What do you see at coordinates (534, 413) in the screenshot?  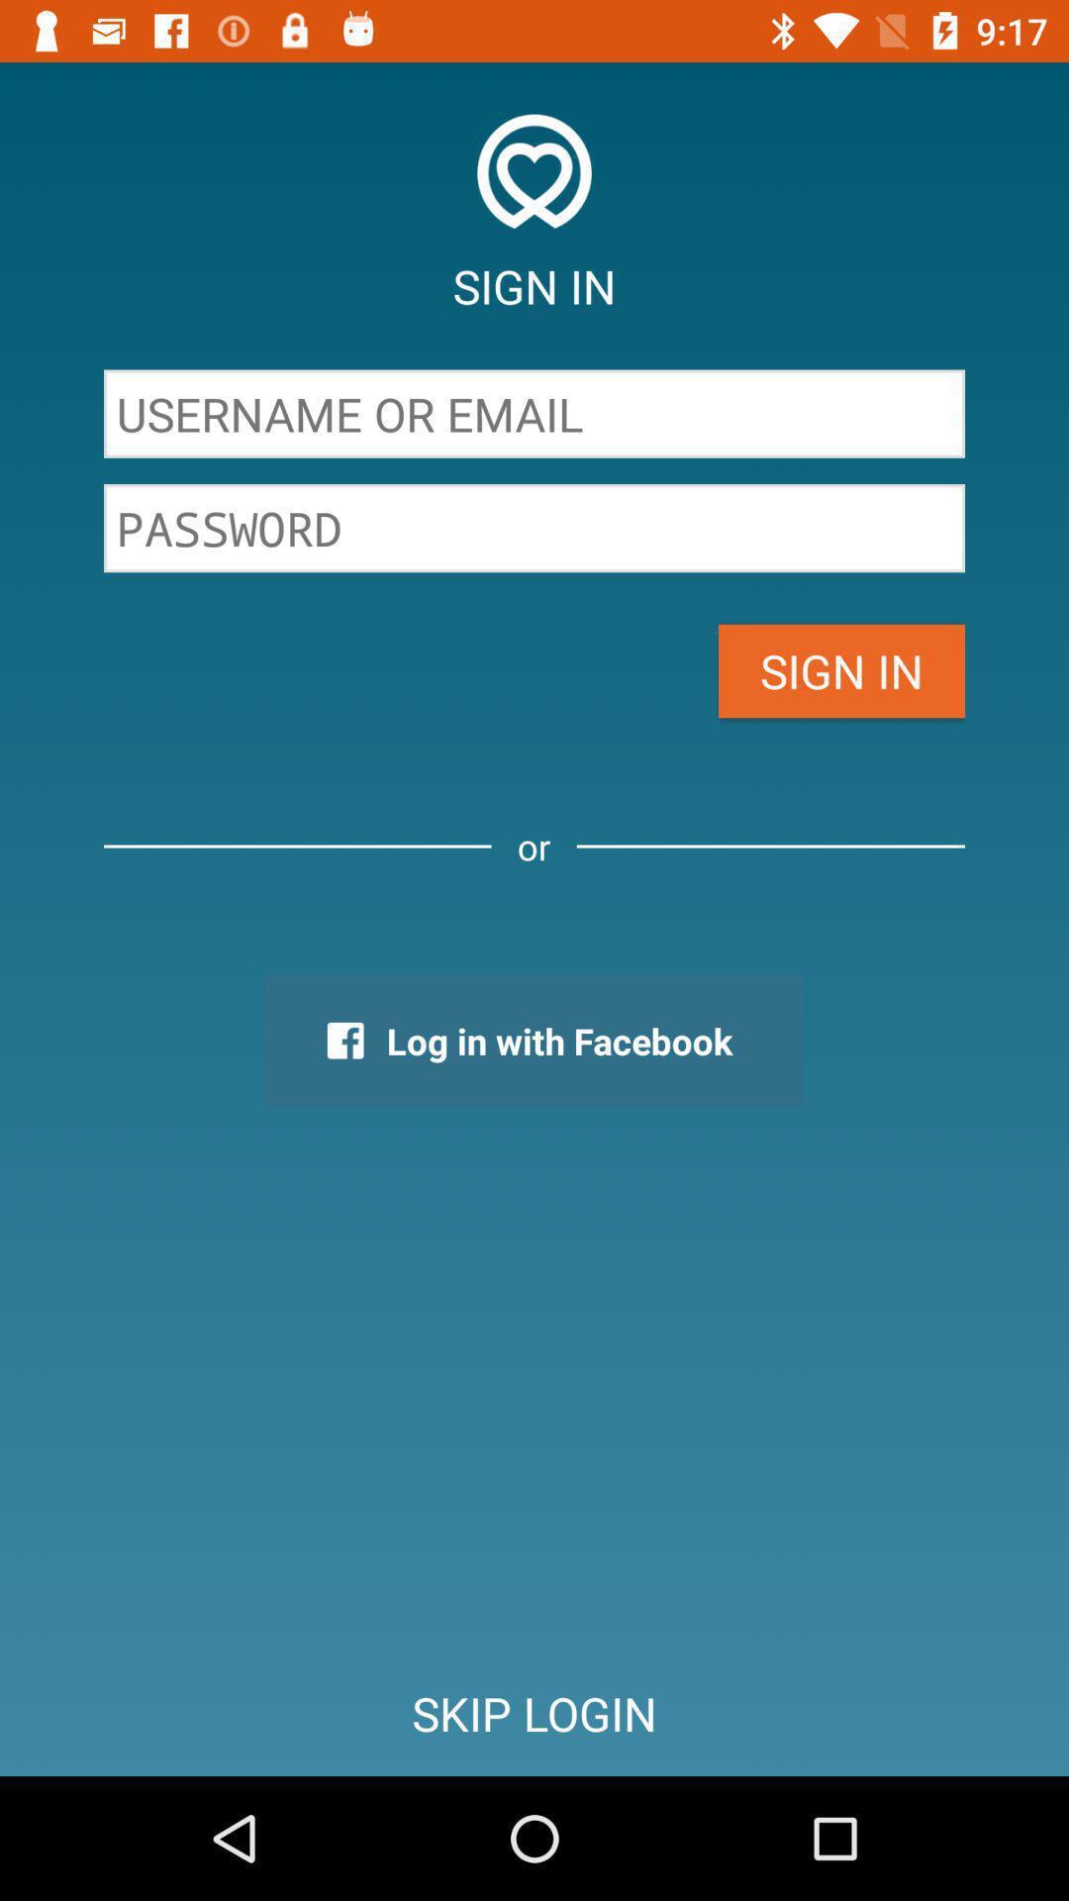 I see `username or email` at bounding box center [534, 413].